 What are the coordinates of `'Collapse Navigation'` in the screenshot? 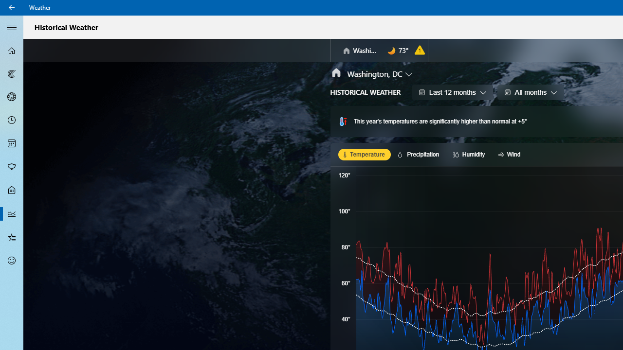 It's located at (12, 26).